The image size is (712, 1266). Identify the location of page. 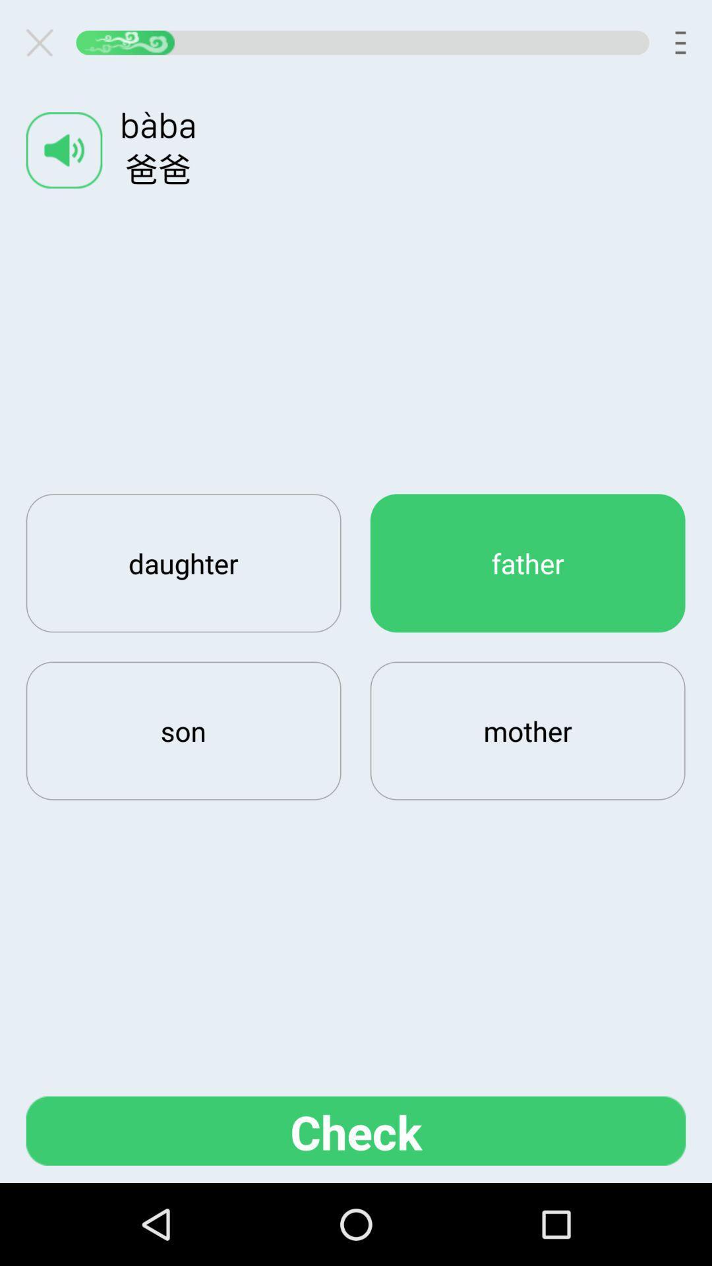
(44, 42).